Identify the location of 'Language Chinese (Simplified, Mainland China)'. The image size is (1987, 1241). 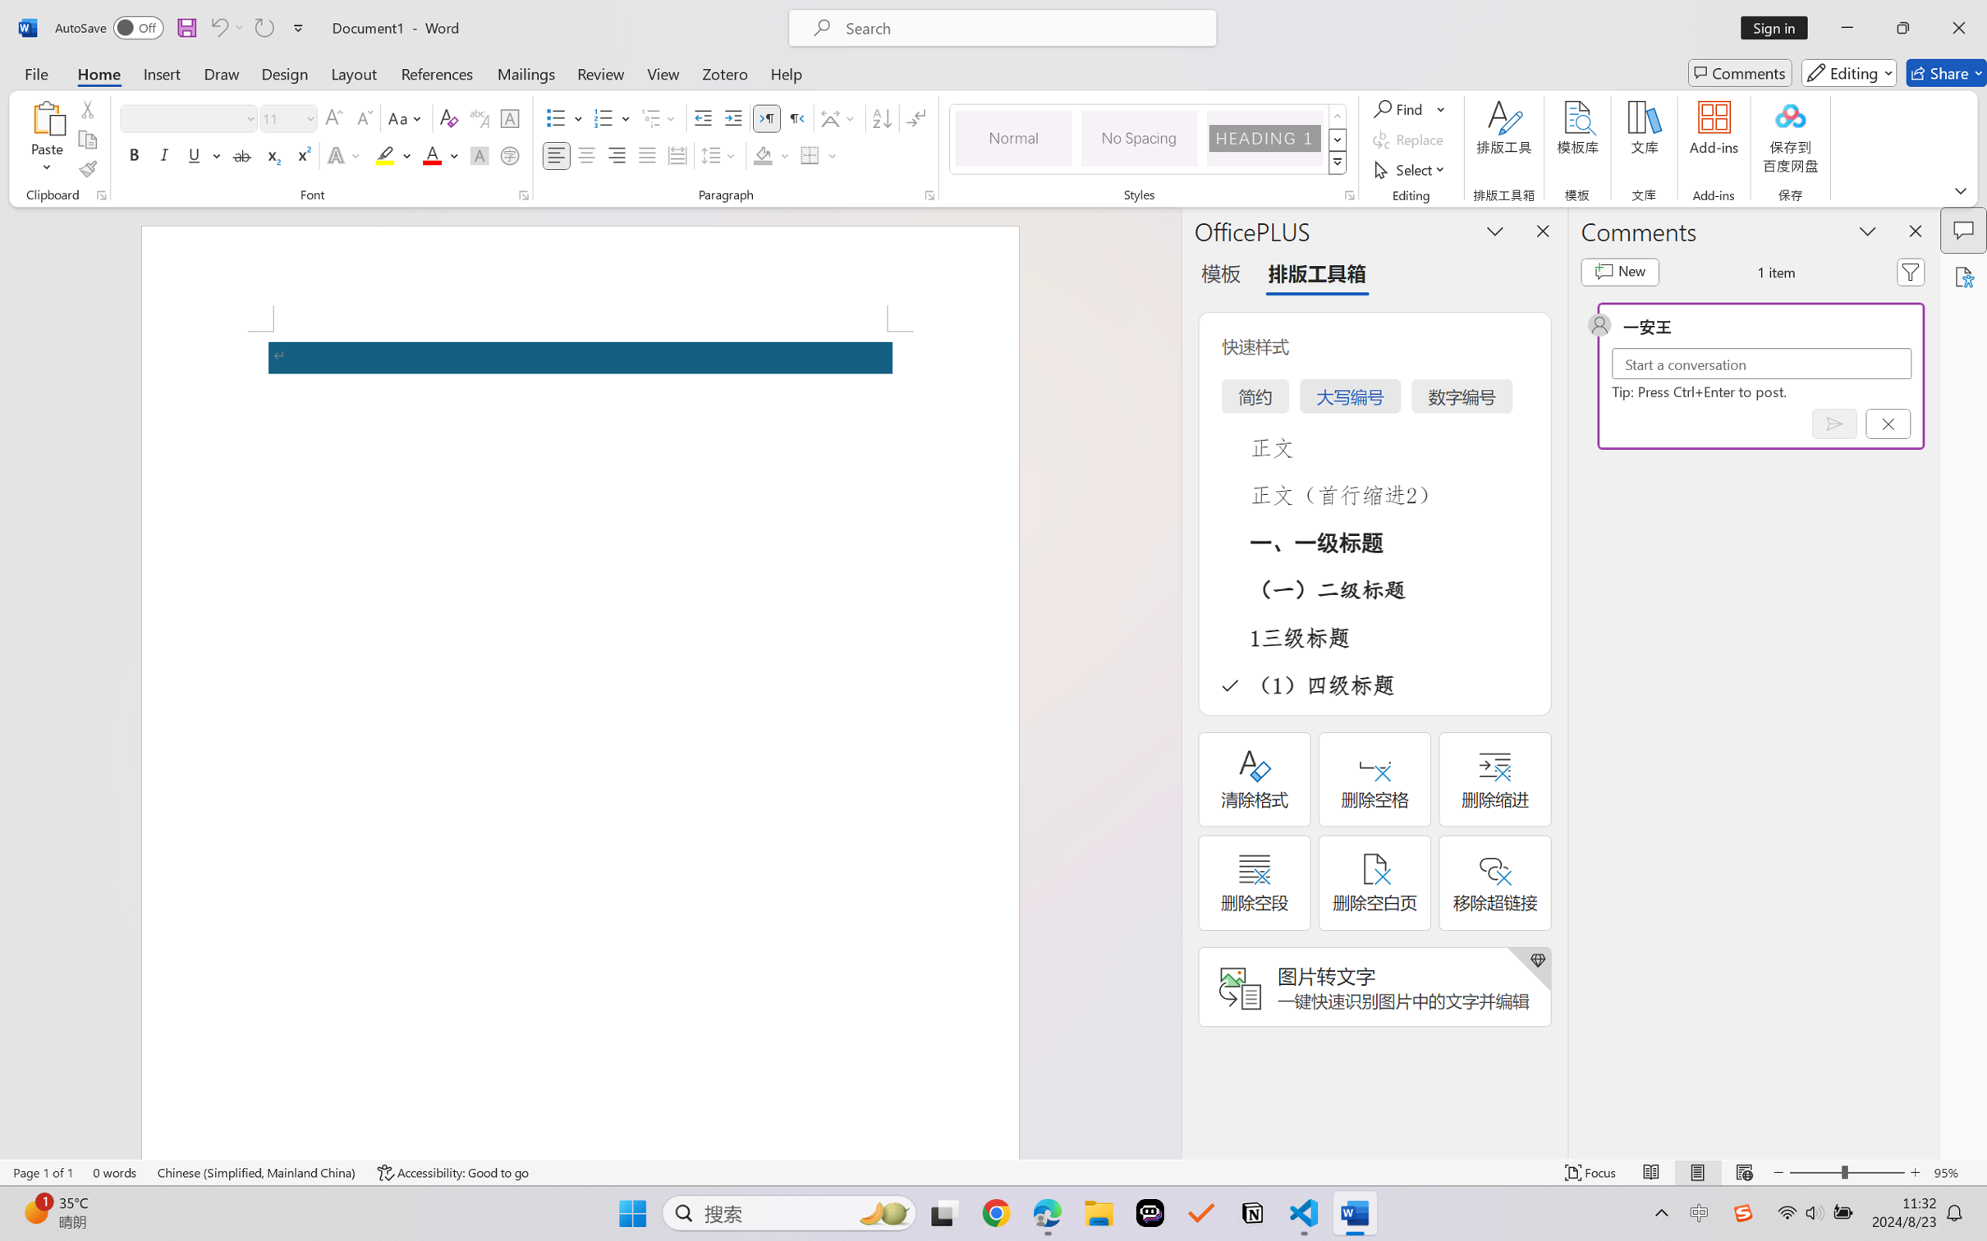
(257, 1172).